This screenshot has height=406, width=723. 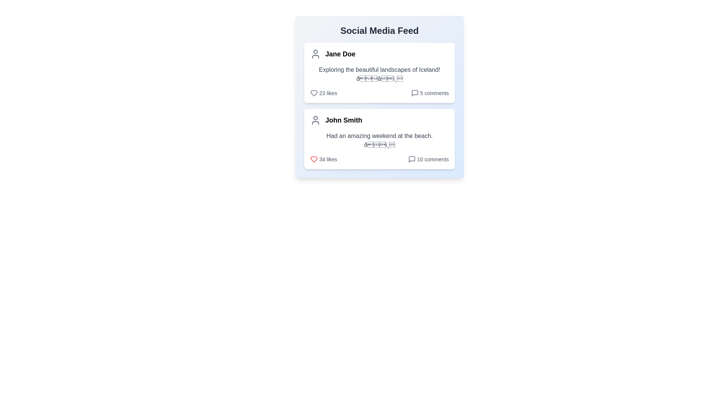 What do you see at coordinates (430, 92) in the screenshot?
I see `the comment count area to focus on the number of comments for the post` at bounding box center [430, 92].